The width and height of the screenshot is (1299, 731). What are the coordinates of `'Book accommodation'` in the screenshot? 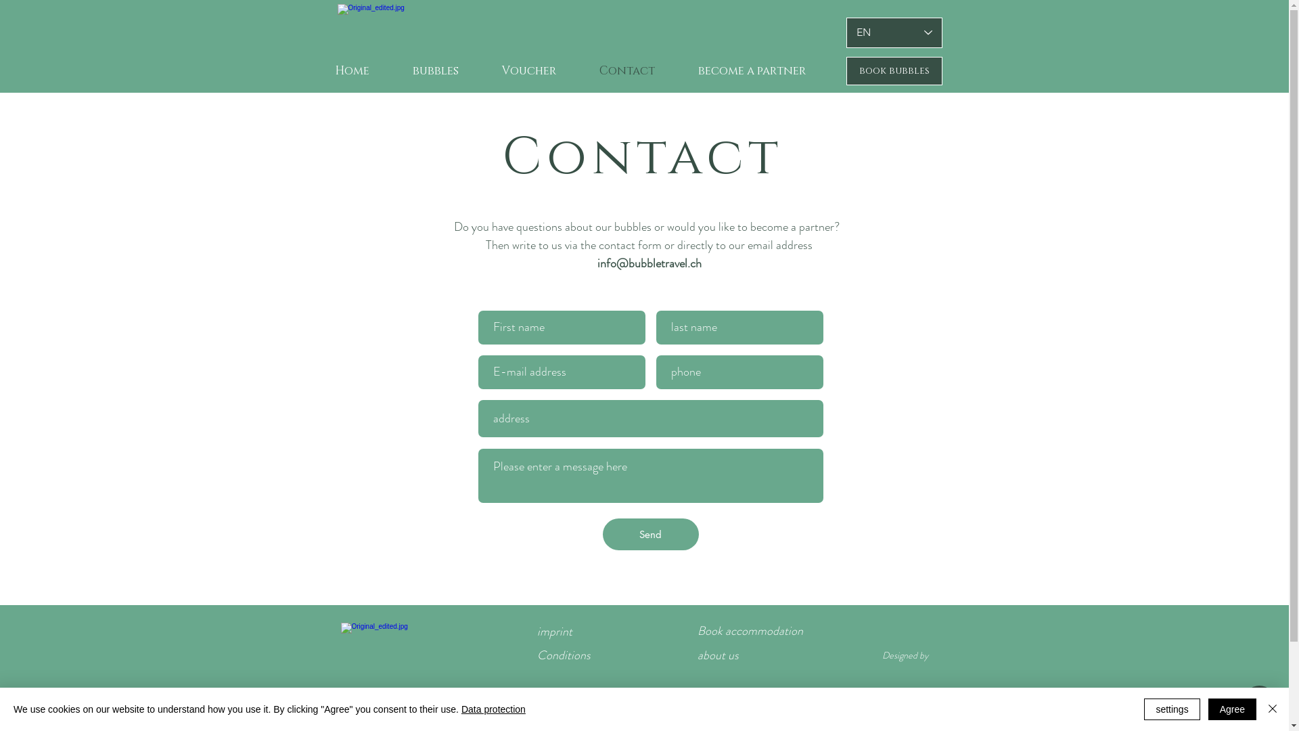 It's located at (697, 631).